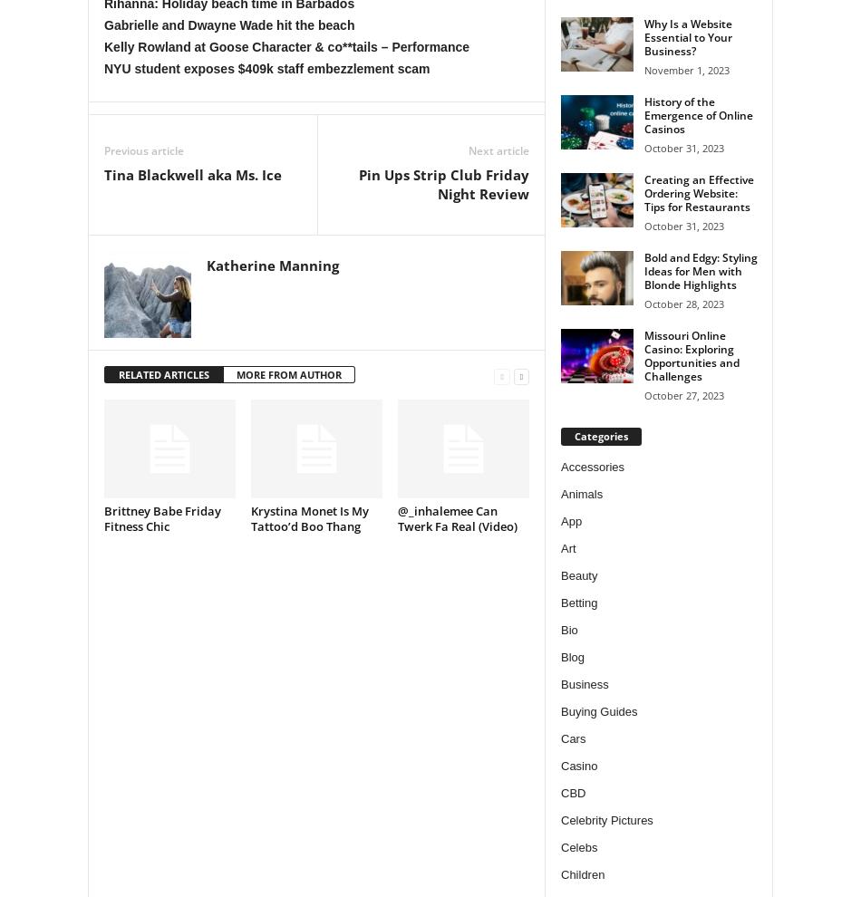 This screenshot has width=861, height=897. Describe the element at coordinates (561, 683) in the screenshot. I see `'Business'` at that location.